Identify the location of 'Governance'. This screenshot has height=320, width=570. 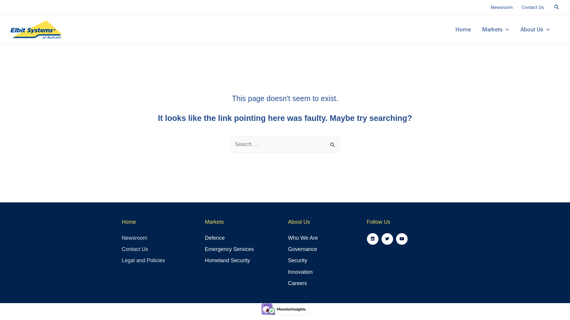
(313, 249).